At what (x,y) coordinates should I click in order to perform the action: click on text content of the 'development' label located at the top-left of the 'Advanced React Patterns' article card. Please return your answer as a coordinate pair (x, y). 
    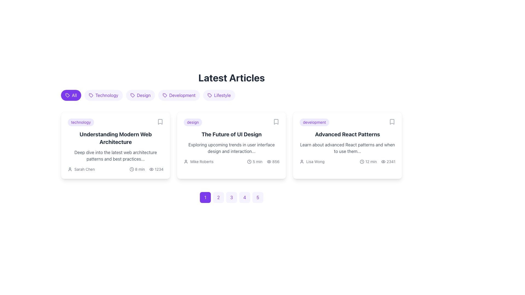
    Looking at the image, I should click on (314, 122).